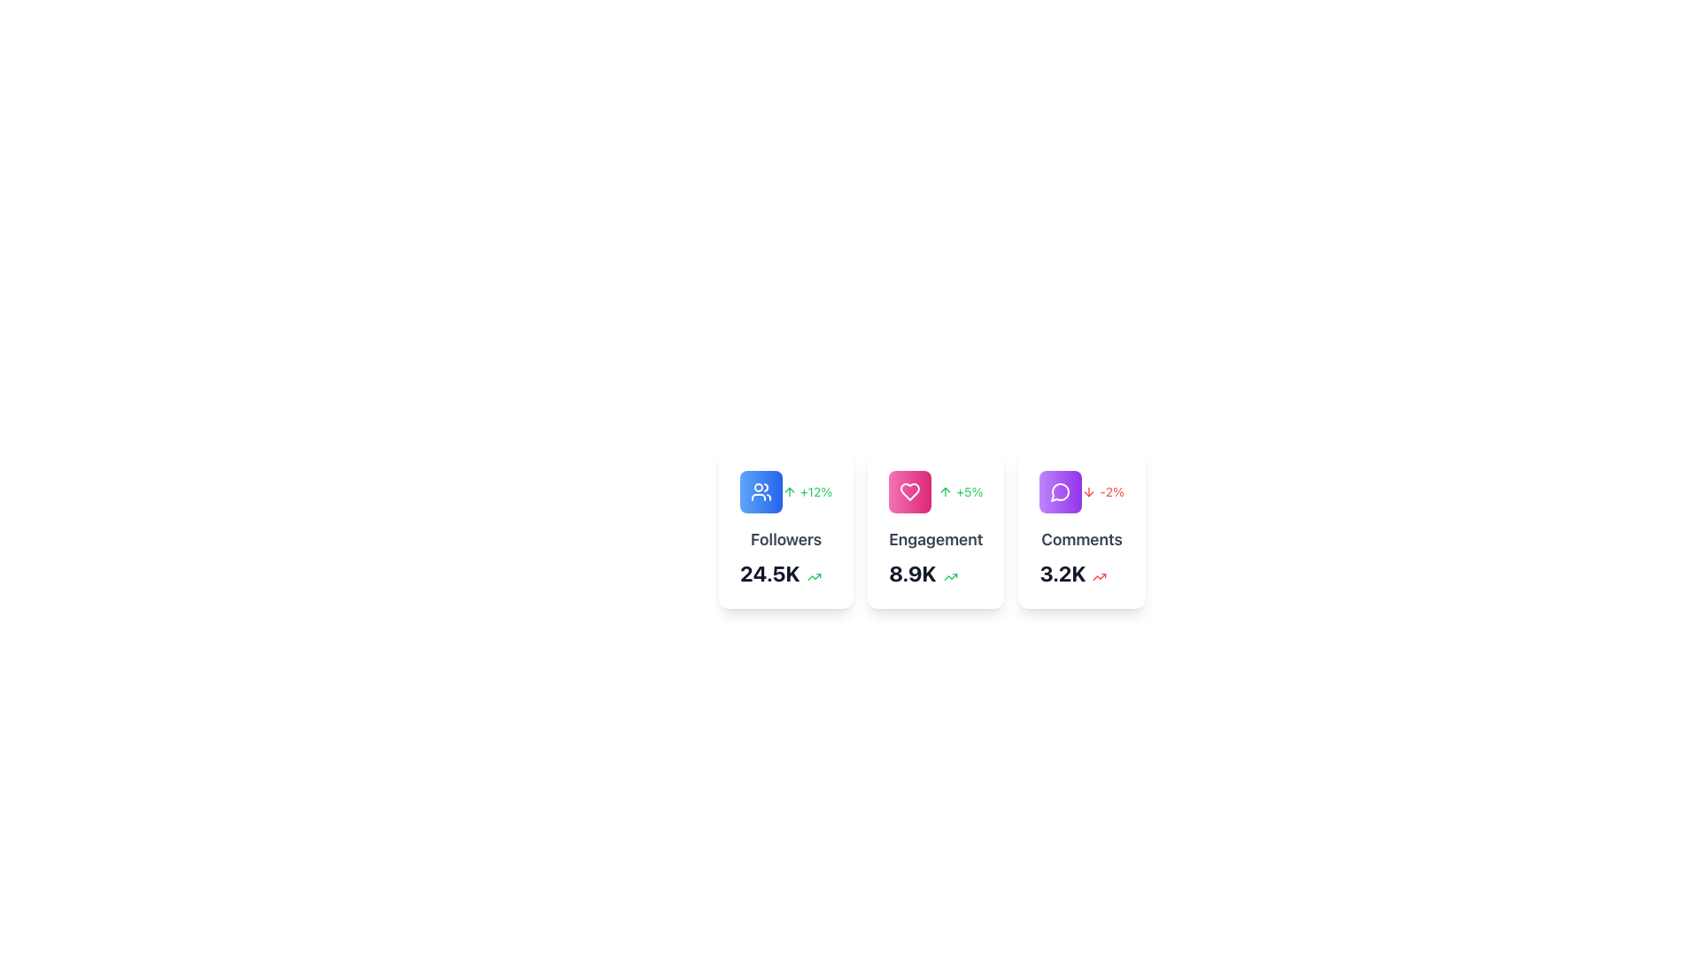  I want to click on the decorative bar at the bottom of the card displaying 'Engagement' data, which is styled as a rounded rectangle with a gradient background, so click(935, 606).